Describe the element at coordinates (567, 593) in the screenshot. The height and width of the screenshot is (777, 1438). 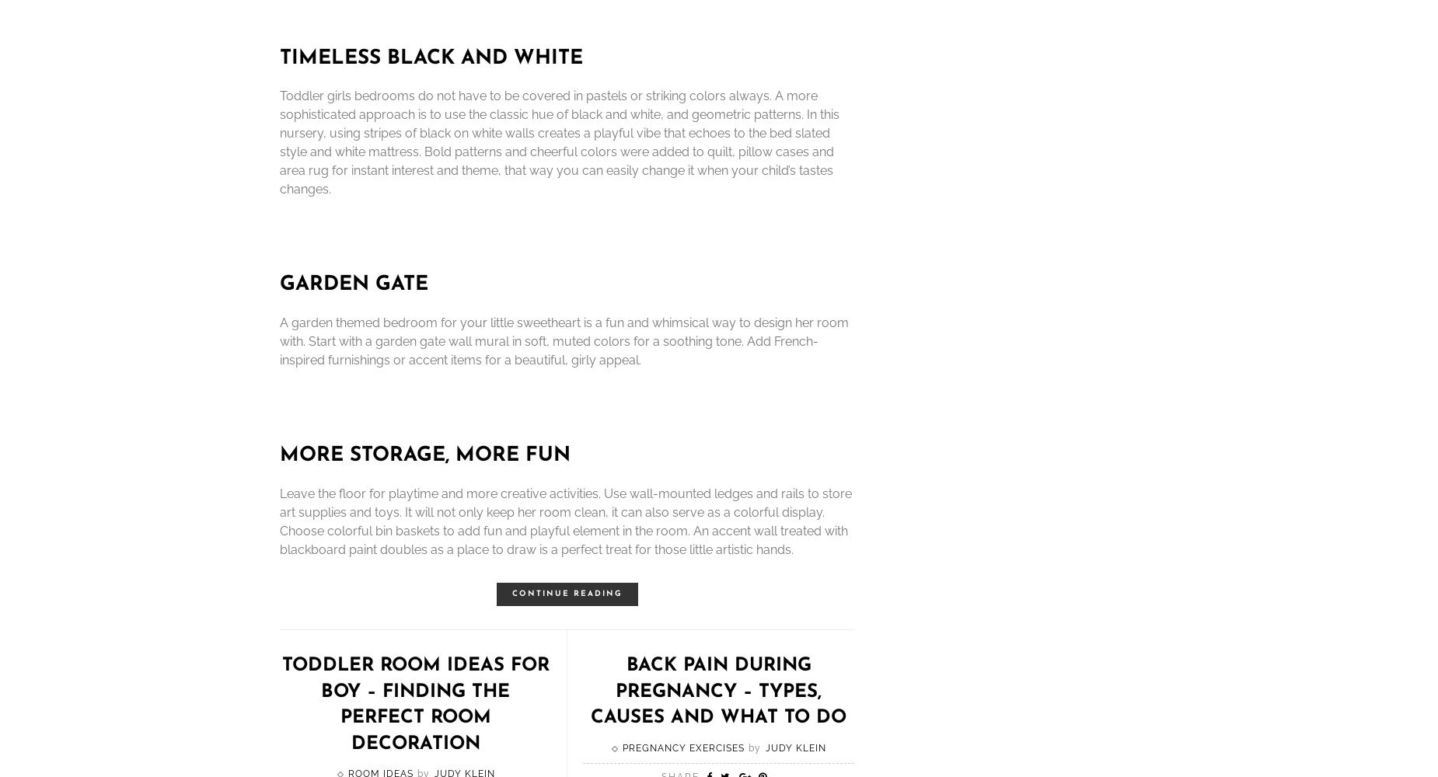
I see `'Continue Reading'` at that location.